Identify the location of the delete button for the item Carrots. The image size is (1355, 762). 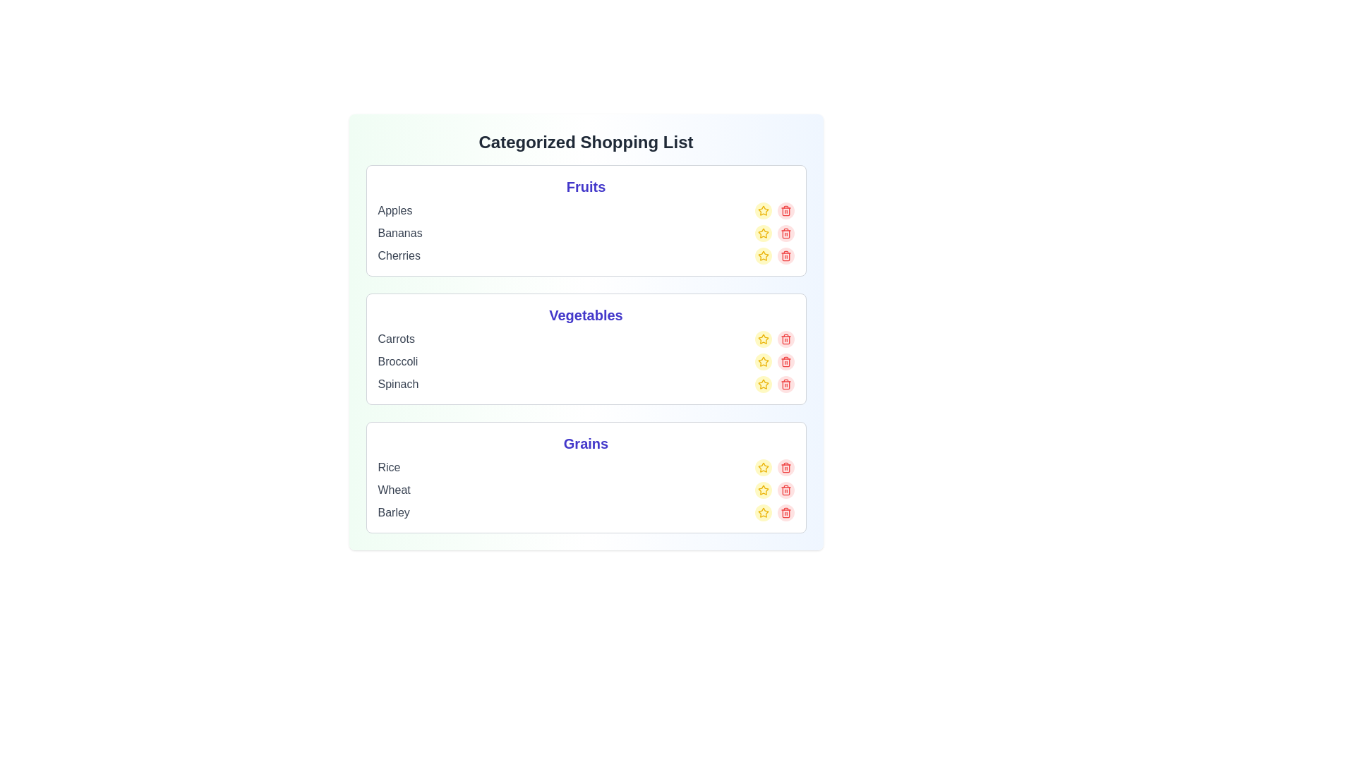
(785, 339).